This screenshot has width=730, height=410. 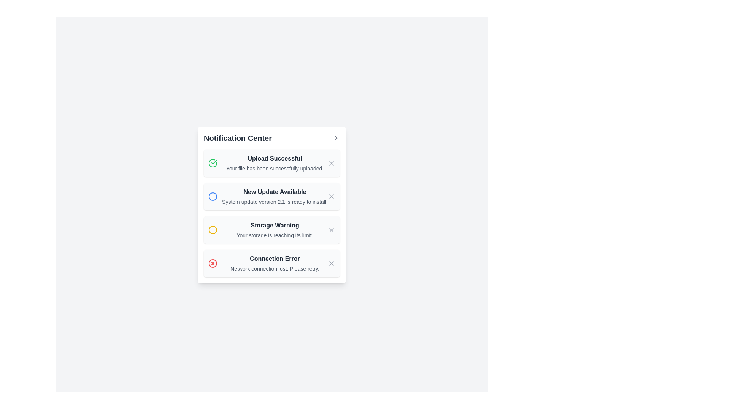 What do you see at coordinates (275, 196) in the screenshot?
I see `the informational text block that provides details about an available system update, located in the second row of the notification list in the 'Notification Center' panel, between 'Upload Successful' and 'Storage Warning'` at bounding box center [275, 196].